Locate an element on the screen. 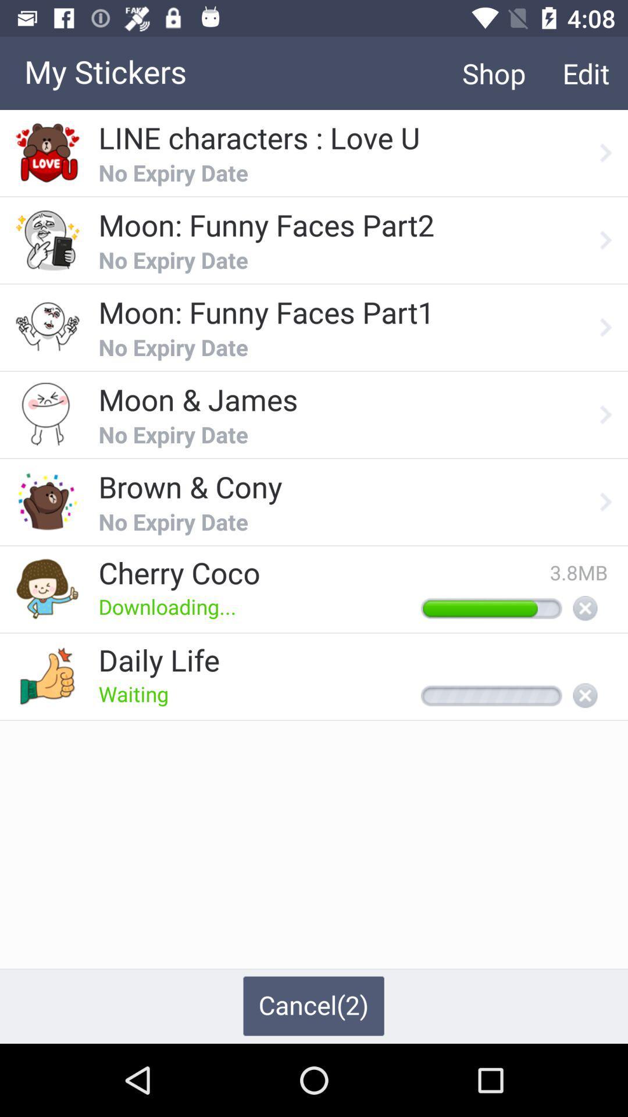 The image size is (628, 1117). cancel this download is located at coordinates (585, 609).